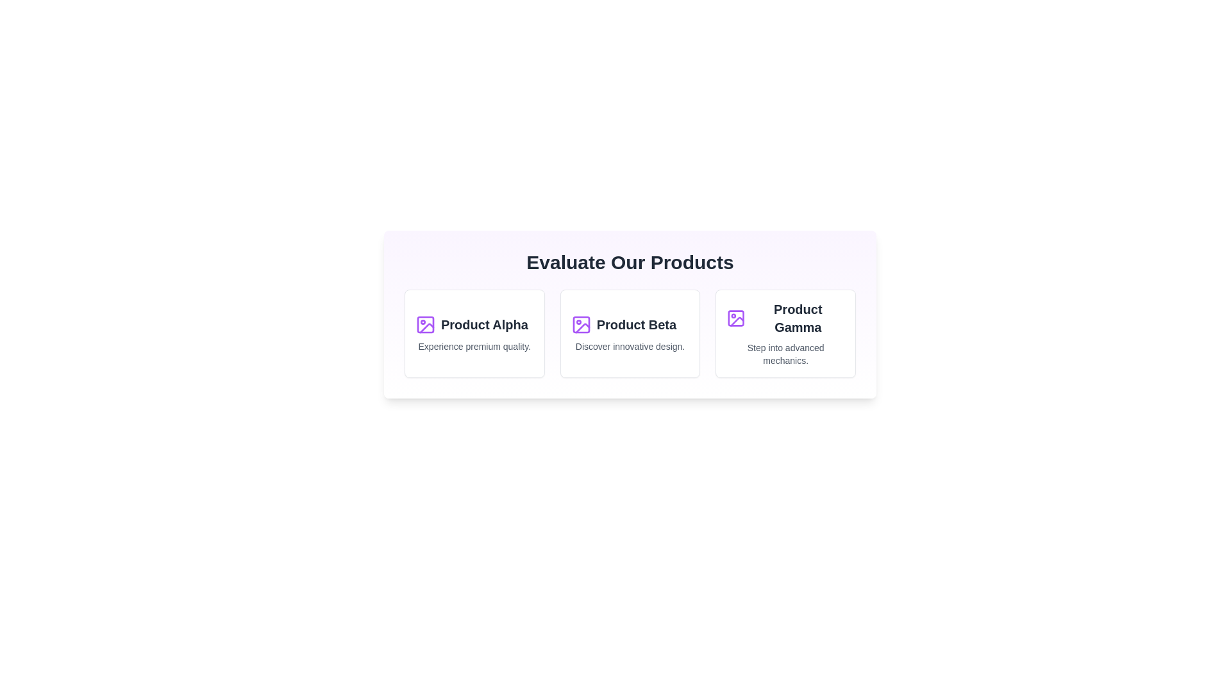 The image size is (1231, 692). What do you see at coordinates (425, 324) in the screenshot?
I see `the 'Product Alpha' icon located at the leftmost part of the 'Evaluate Our Products' area to interact with the 'Product Alpha' section` at bounding box center [425, 324].